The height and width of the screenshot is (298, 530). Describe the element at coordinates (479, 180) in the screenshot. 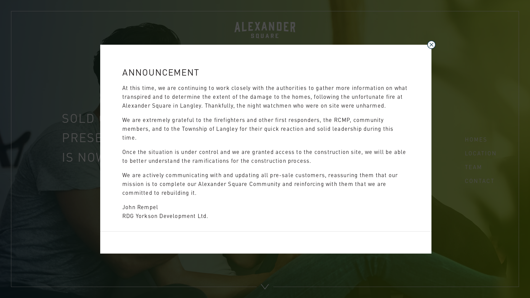

I see `'CONTACT'` at that location.